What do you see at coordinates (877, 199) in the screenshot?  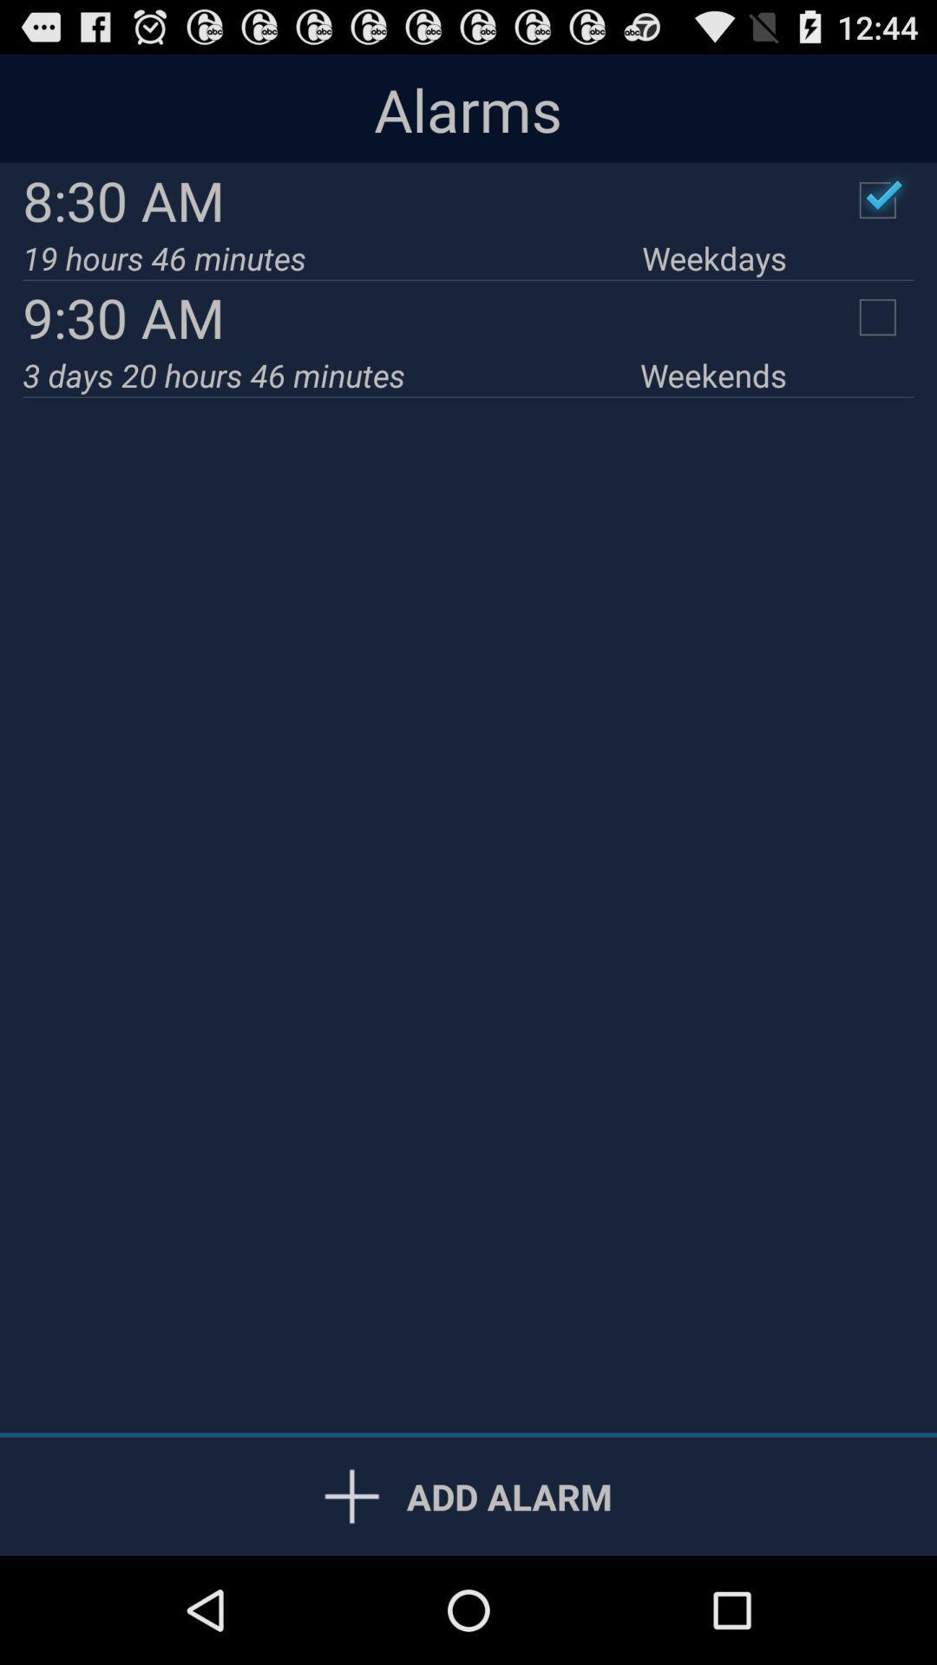 I see `complete the alarm` at bounding box center [877, 199].